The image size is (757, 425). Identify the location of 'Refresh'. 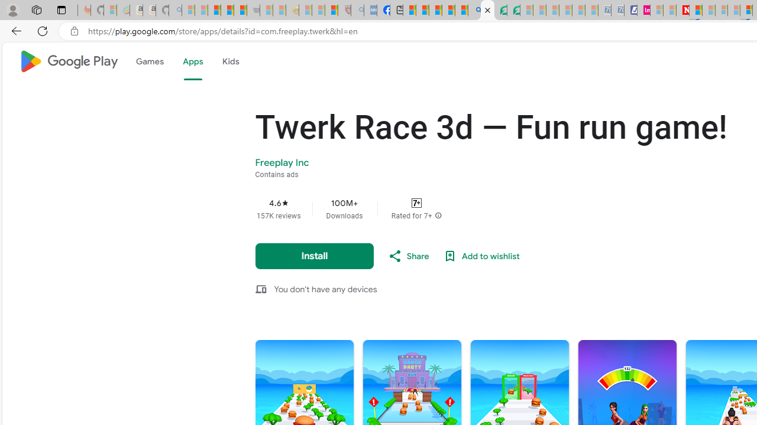
(43, 30).